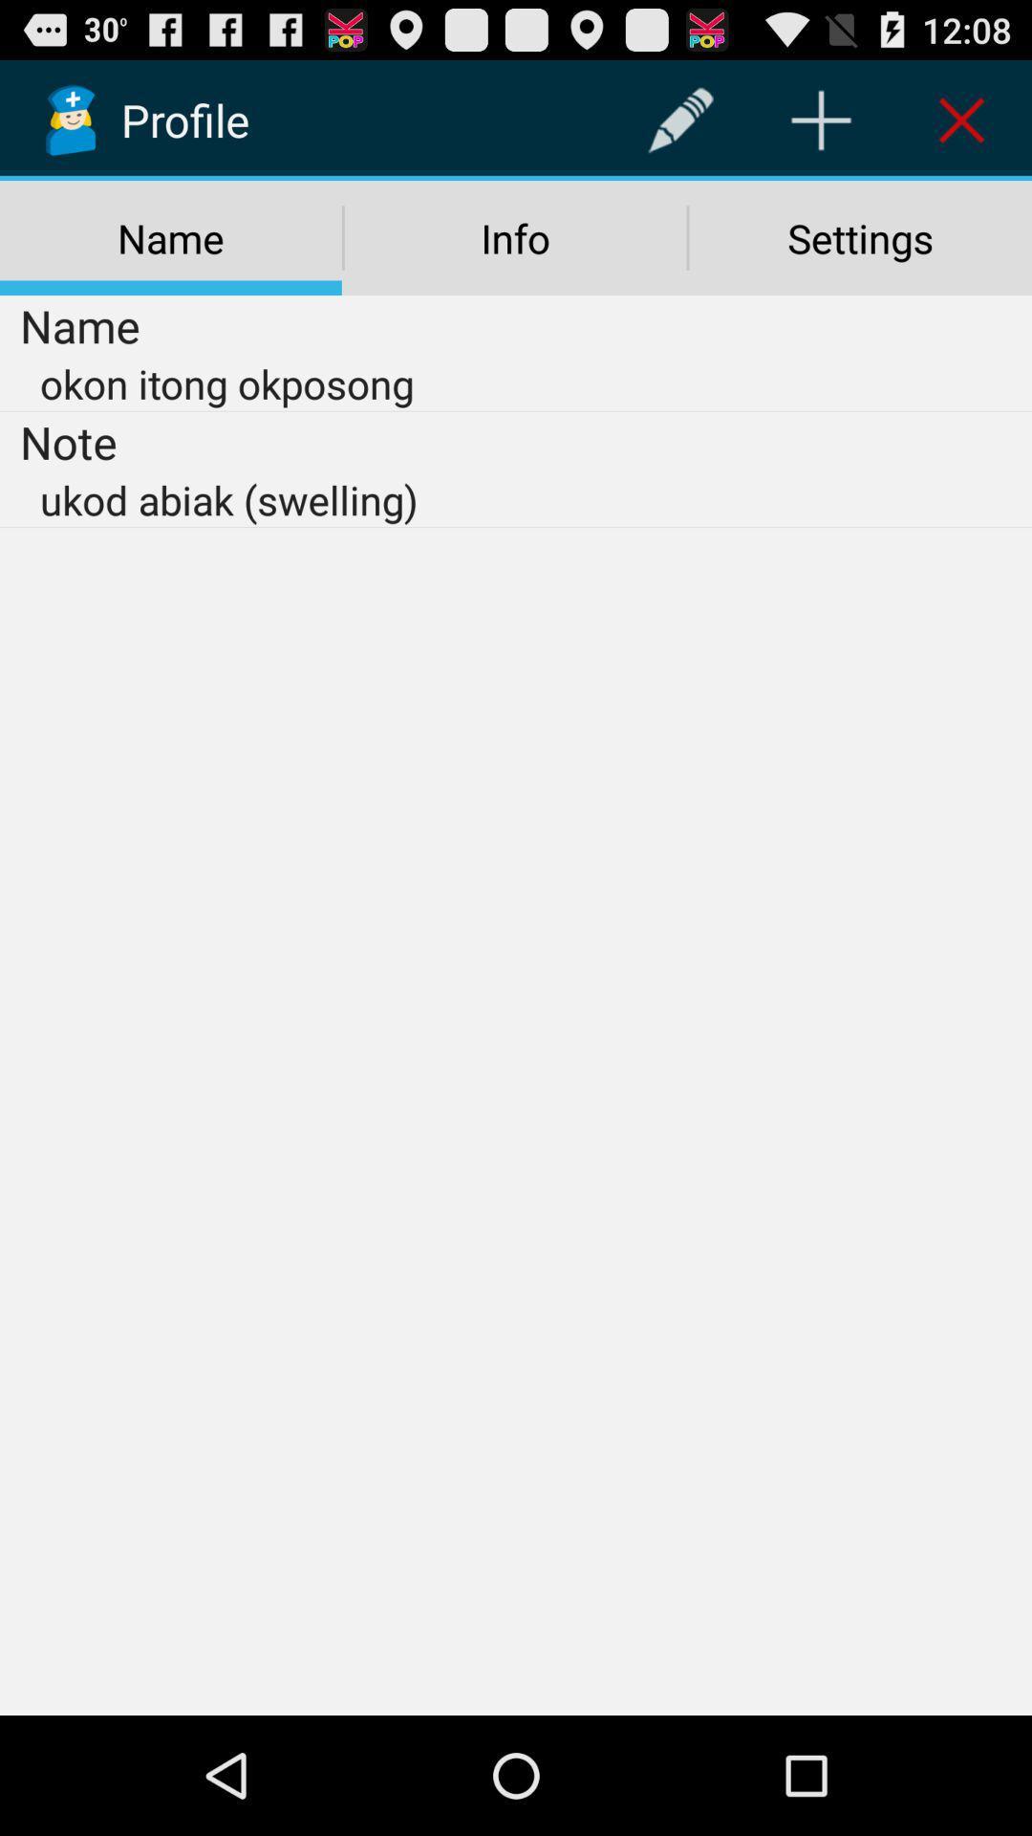  I want to click on item to the right of name, so click(679, 119).